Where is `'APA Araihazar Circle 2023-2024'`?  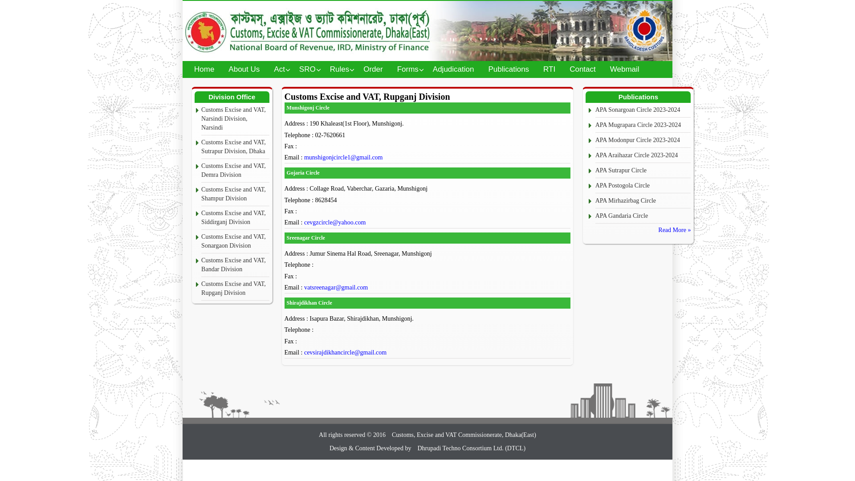
'APA Araihazar Circle 2023-2024' is located at coordinates (643, 155).